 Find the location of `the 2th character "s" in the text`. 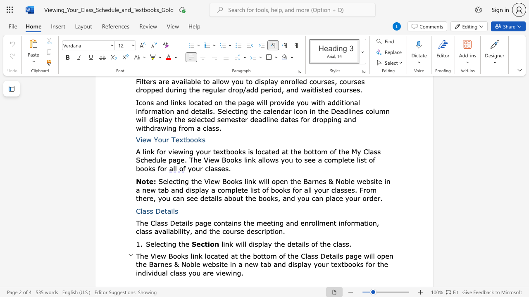

the 2th character "s" in the text is located at coordinates (324, 181).